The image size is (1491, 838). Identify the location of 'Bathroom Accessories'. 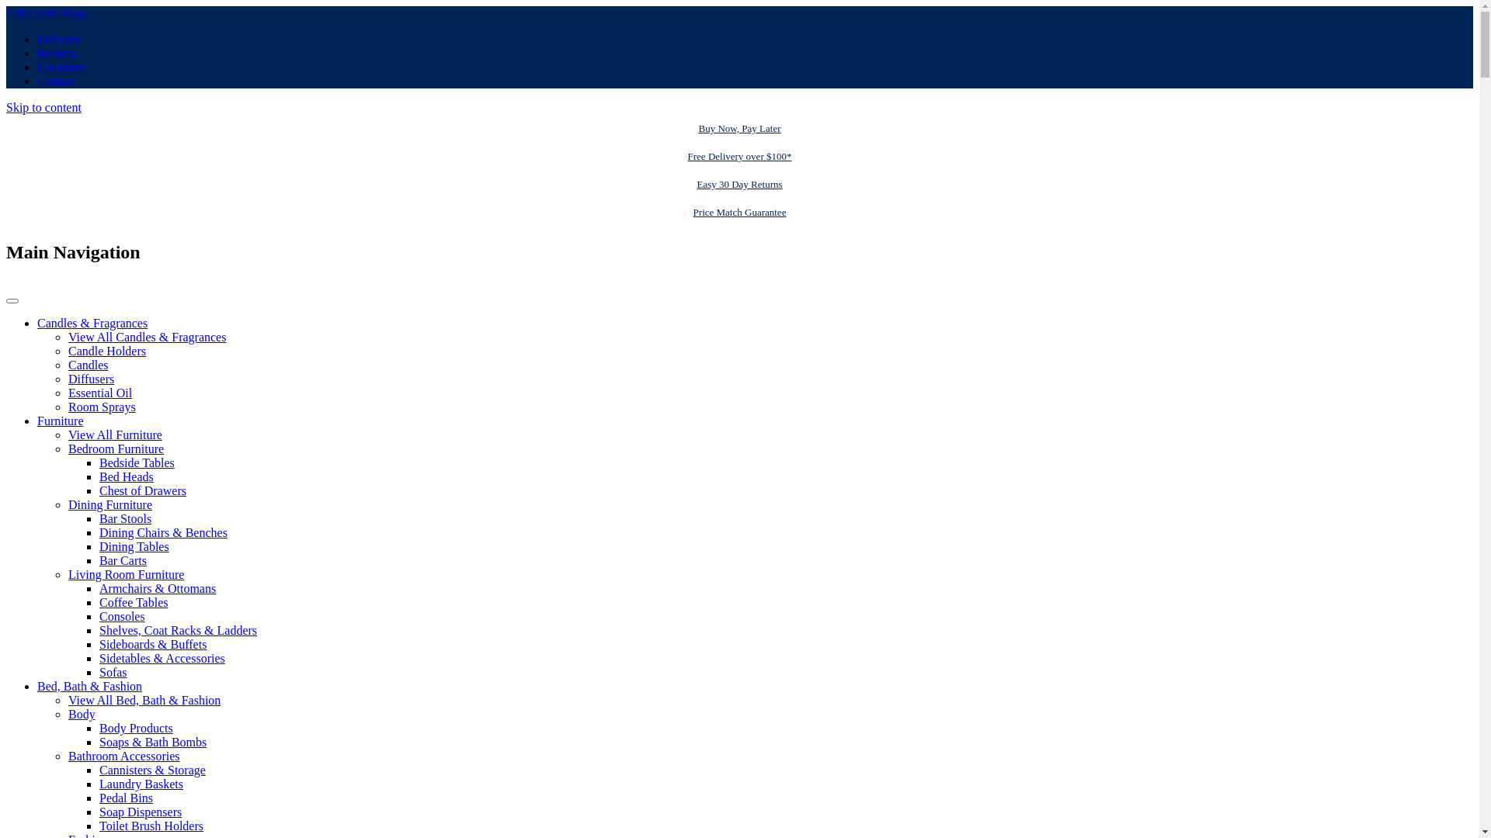
(123, 755).